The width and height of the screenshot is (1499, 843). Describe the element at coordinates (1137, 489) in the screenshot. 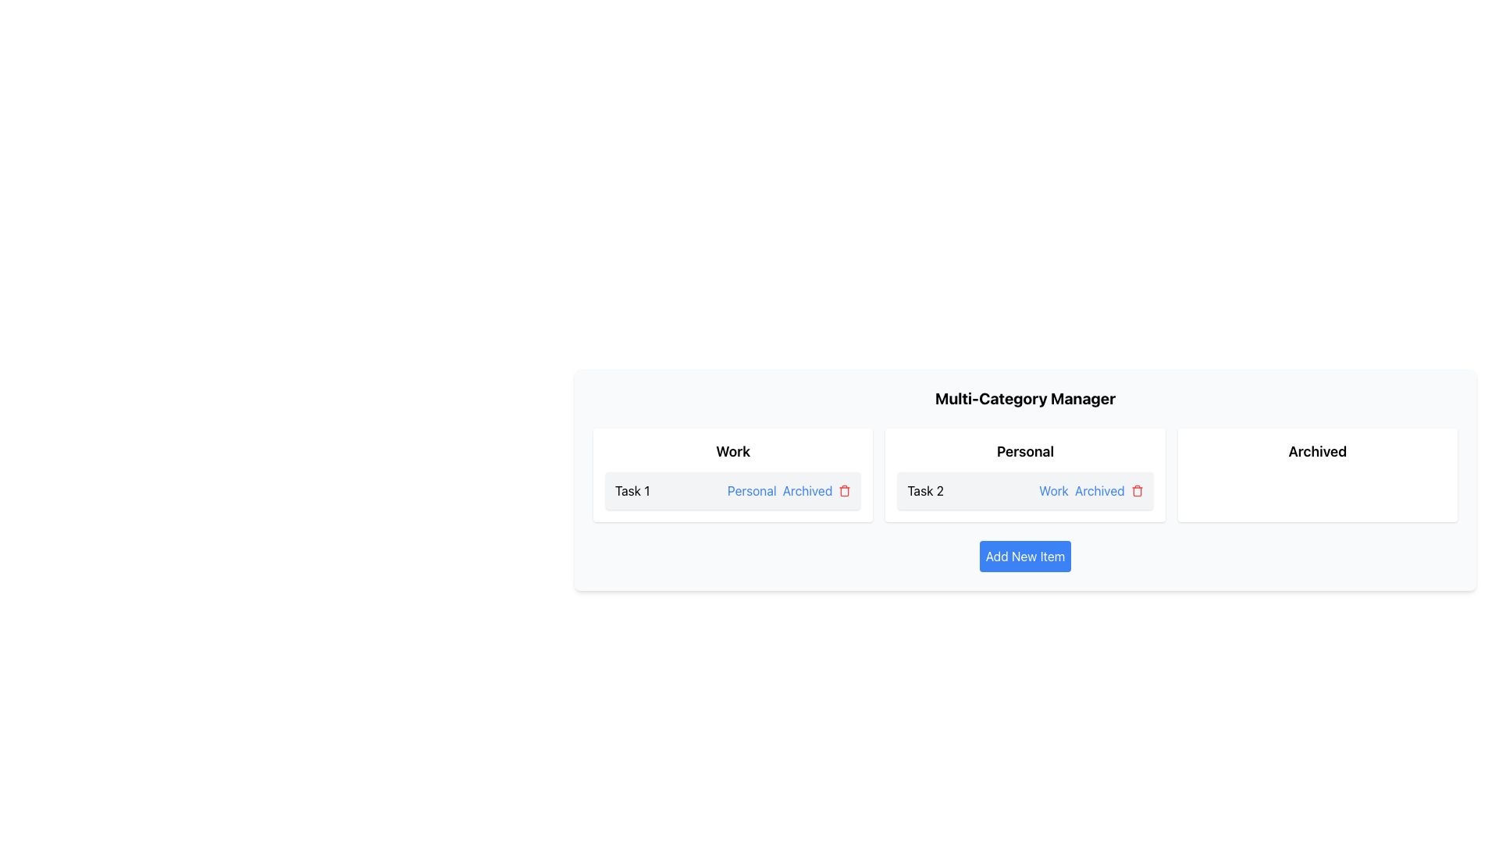

I see `the delete button located in the 'Personal' category section, positioned to the right of the 'Work' and 'Archived' text links in the task's control options row` at that location.